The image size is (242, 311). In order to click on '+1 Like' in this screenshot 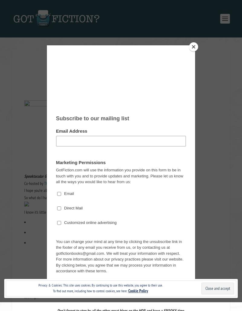, I will do `click(103, 275)`.